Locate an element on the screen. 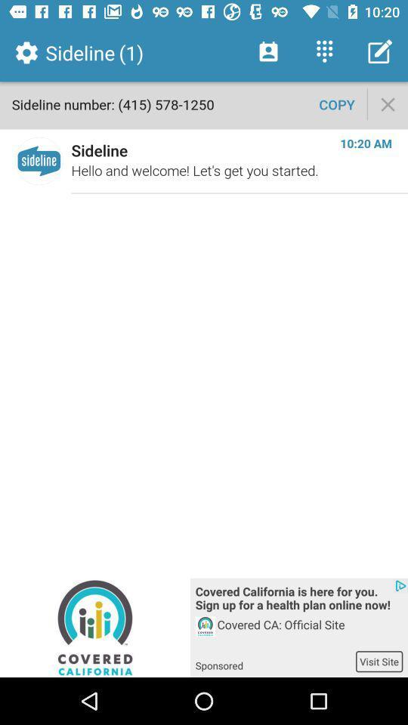 This screenshot has height=725, width=408. the close icon is located at coordinates (388, 103).